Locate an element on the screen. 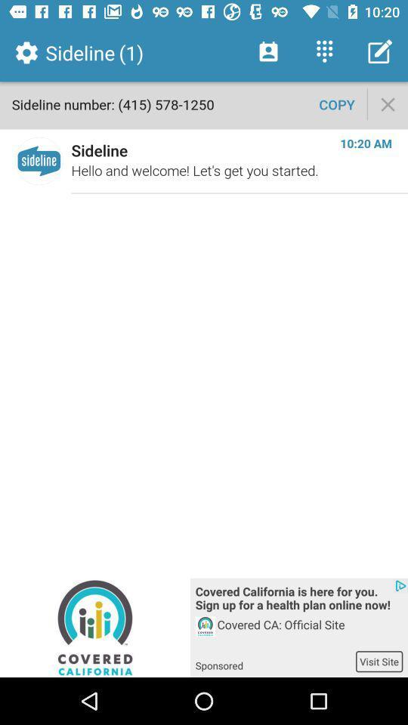 This screenshot has height=725, width=408. the close icon is located at coordinates (388, 103).